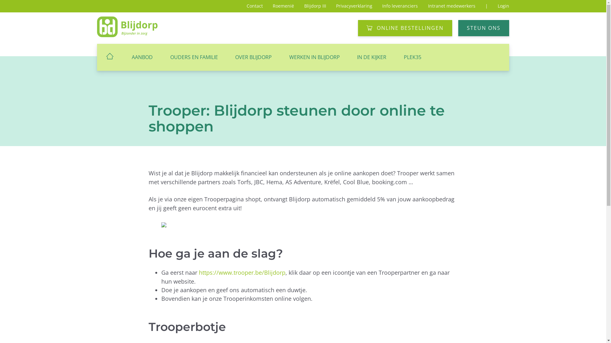  What do you see at coordinates (451, 6) in the screenshot?
I see `'Intranet medewerkers'` at bounding box center [451, 6].